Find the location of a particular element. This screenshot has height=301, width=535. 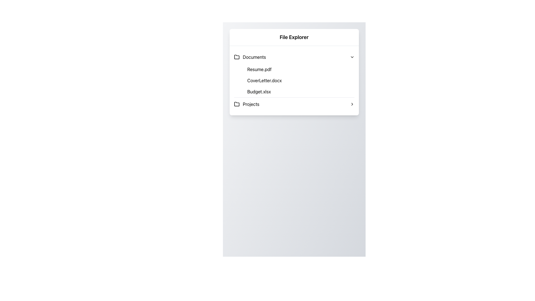

the 'Projects' folder button, which is represented by the label 'Projects' and a folder icon is located at coordinates (246, 104).